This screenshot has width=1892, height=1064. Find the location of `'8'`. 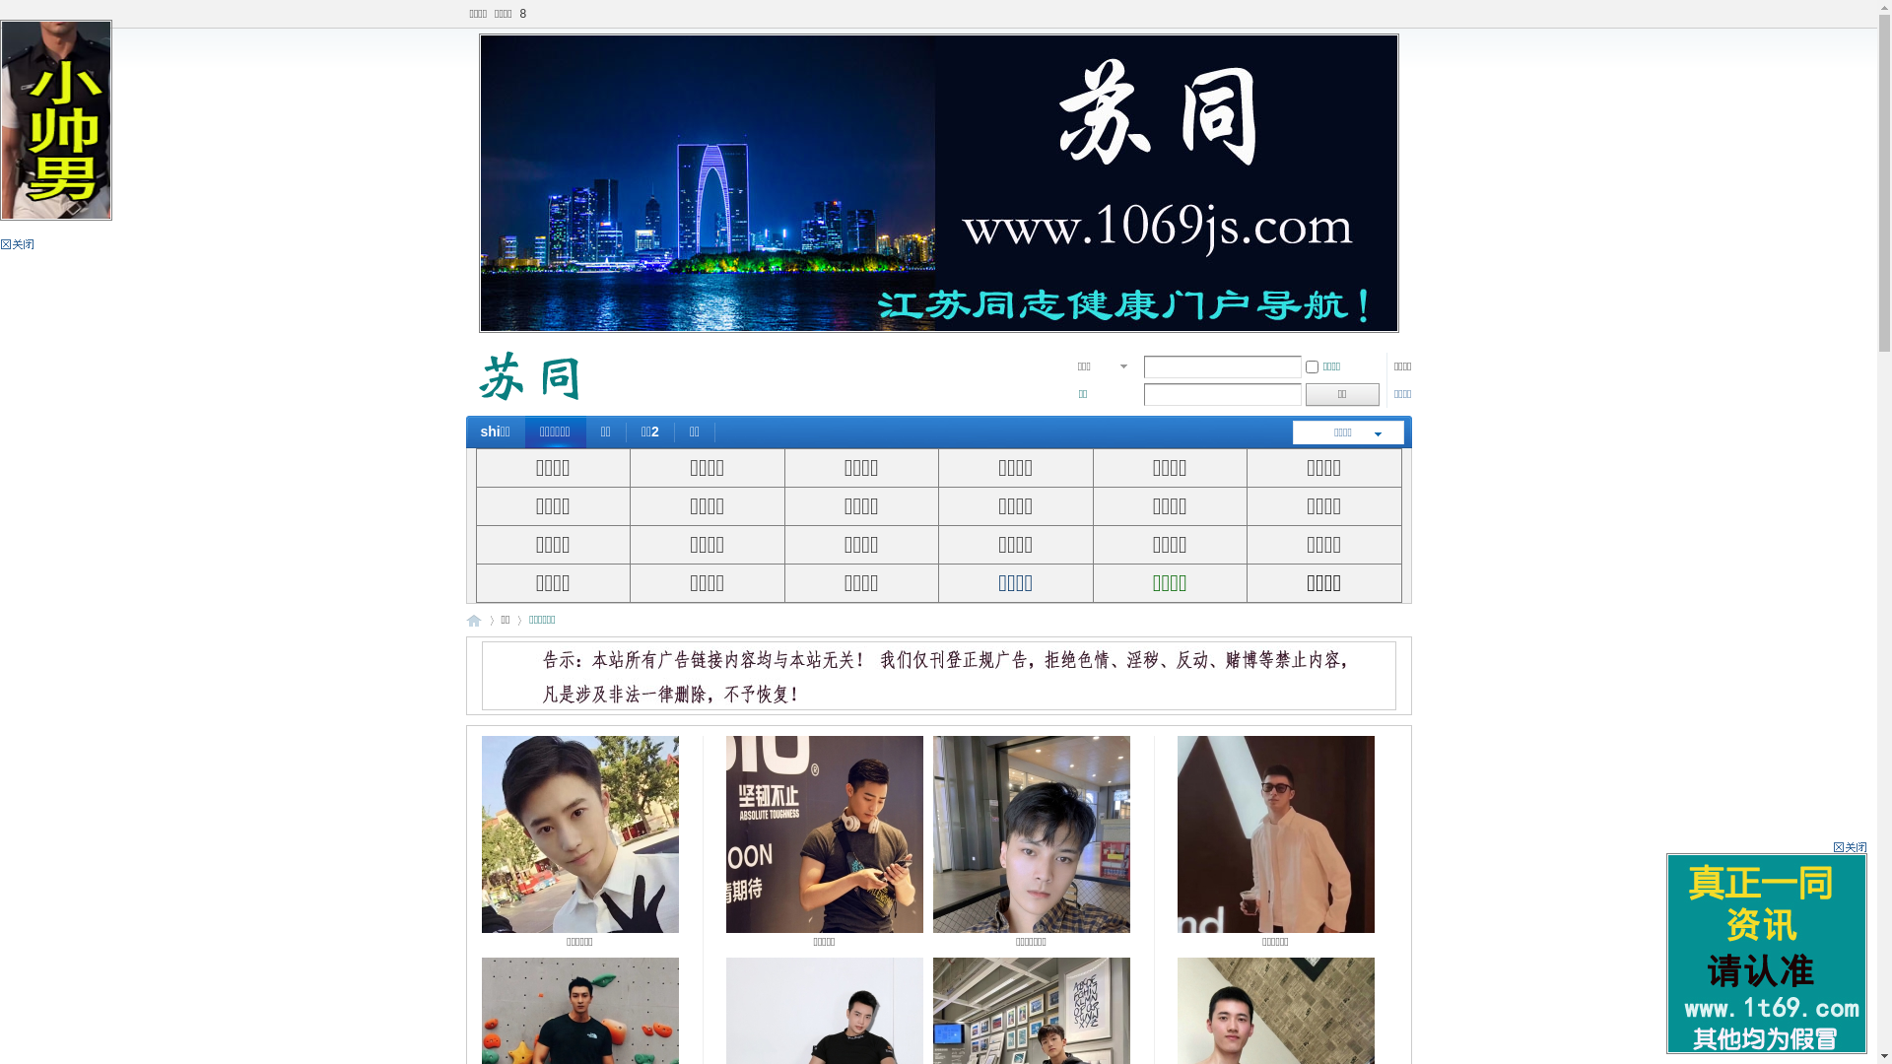

'8' is located at coordinates (523, 14).